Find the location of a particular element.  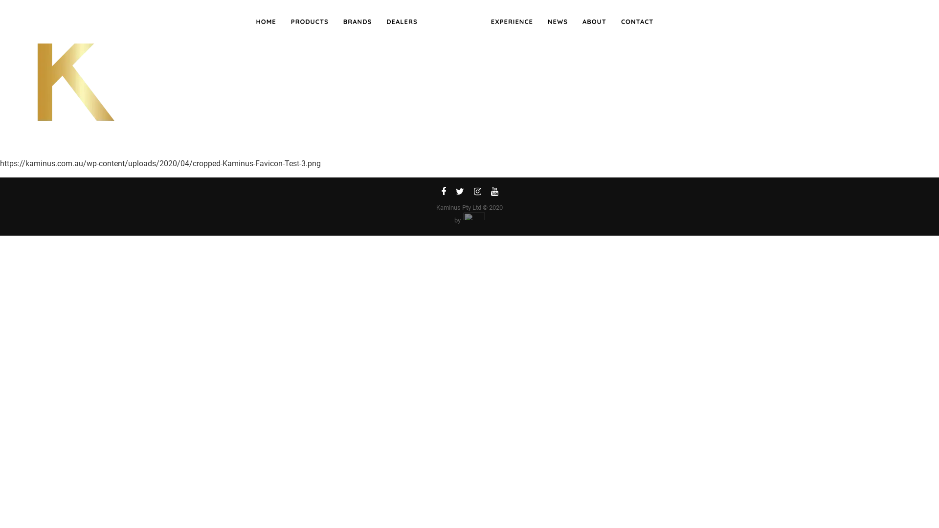

'CONTACT' is located at coordinates (637, 22).